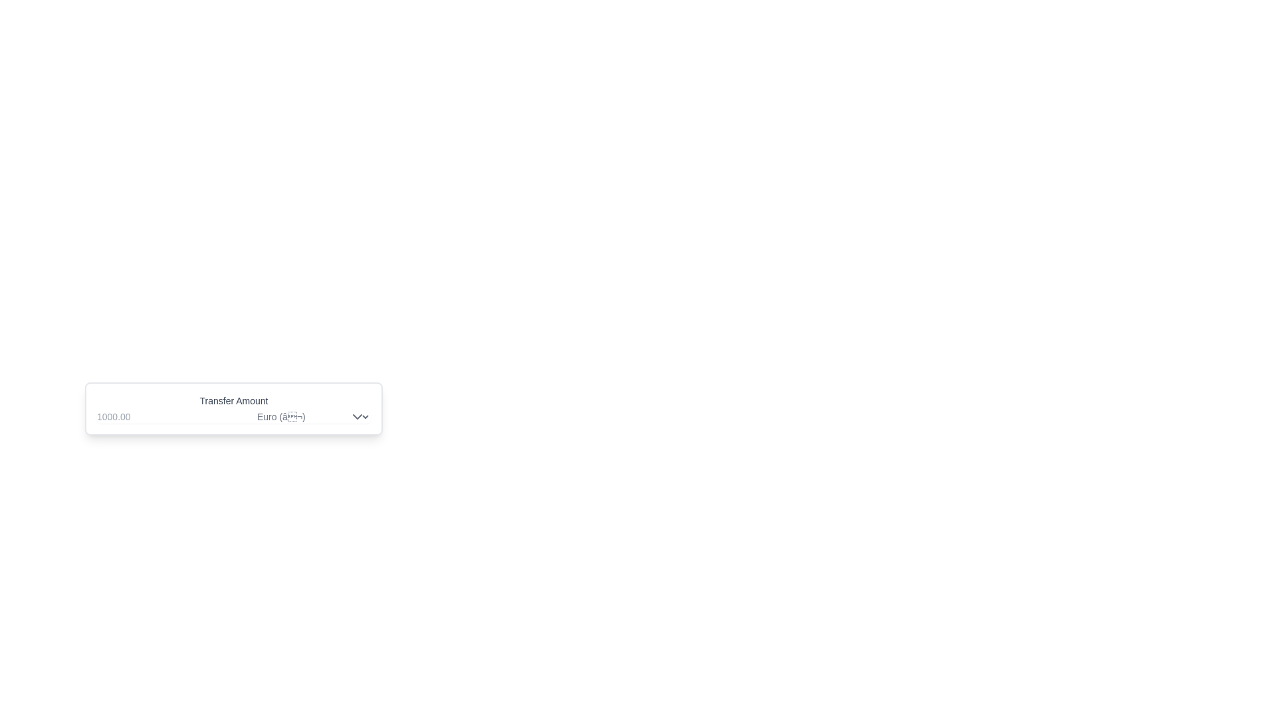 Image resolution: width=1276 pixels, height=717 pixels. I want to click on the downward-facing chevron icon, styled with a thin, rounded line and dark gray color, located at the right side of the selection field aligned with the text 'Euro (€)', so click(357, 416).